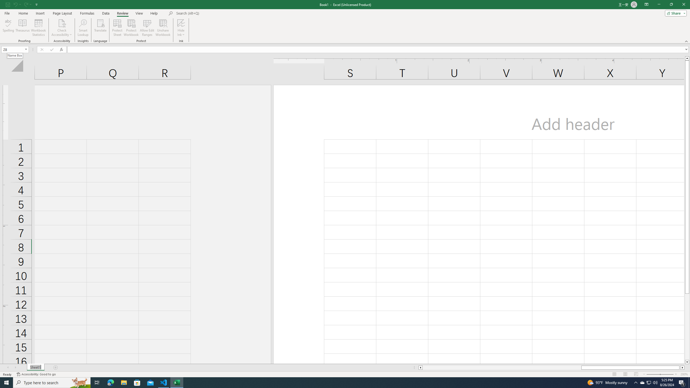 This screenshot has height=388, width=690. Describe the element at coordinates (163, 28) in the screenshot. I see `'Unshare Workbook'` at that location.